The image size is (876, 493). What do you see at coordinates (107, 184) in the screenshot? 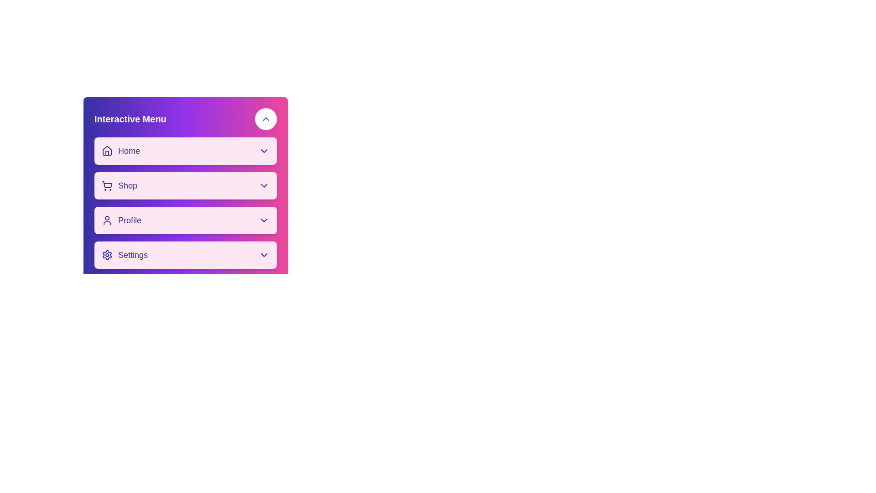
I see `the shopping icon associated with the 'Shop' button in the 'Interactive Menu'` at bounding box center [107, 184].